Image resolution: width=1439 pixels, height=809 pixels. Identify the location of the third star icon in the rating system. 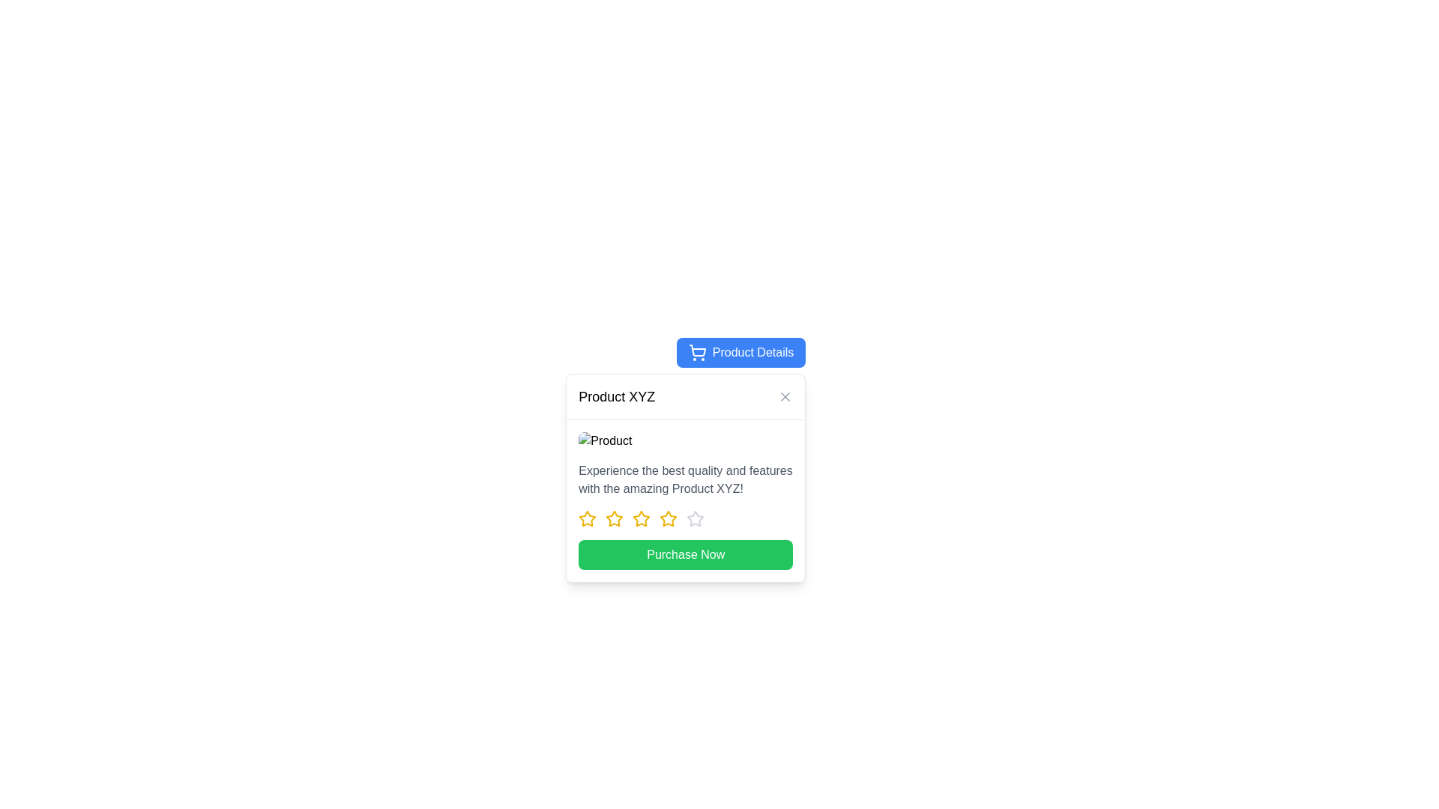
(615, 518).